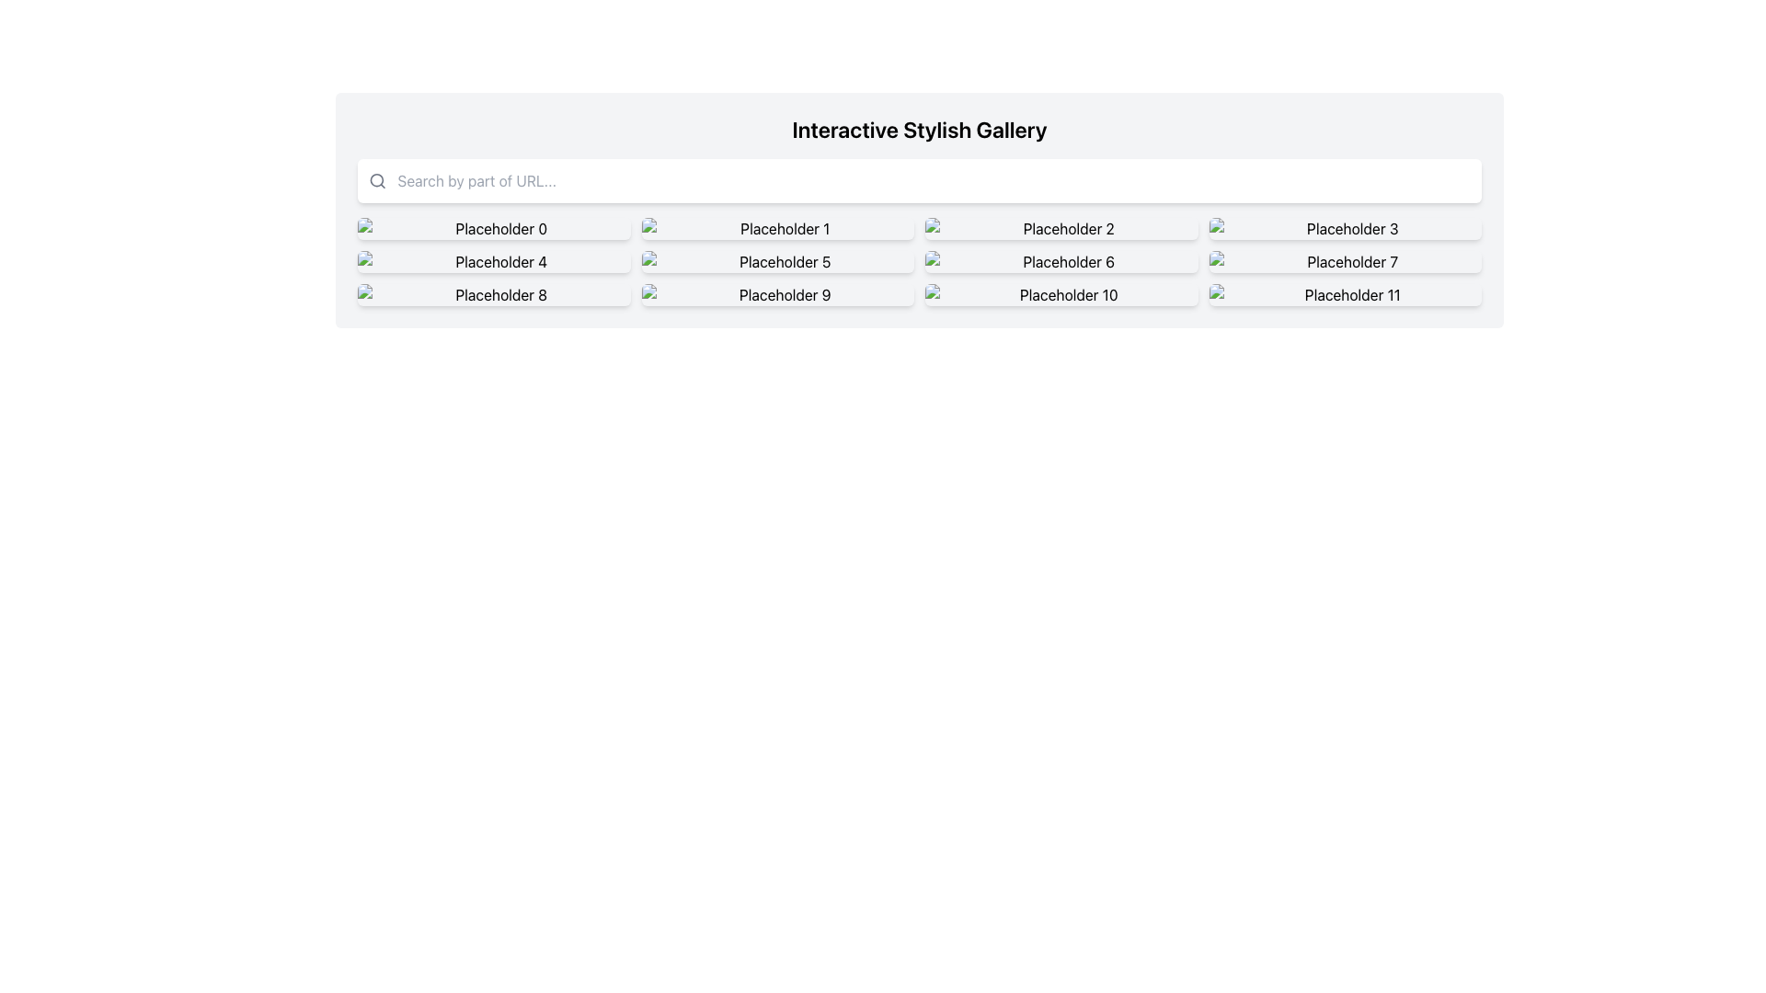 This screenshot has width=1766, height=993. Describe the element at coordinates (494, 228) in the screenshot. I see `the first Gallery Item block displaying the text 'Placeholder 0', which is located` at that location.